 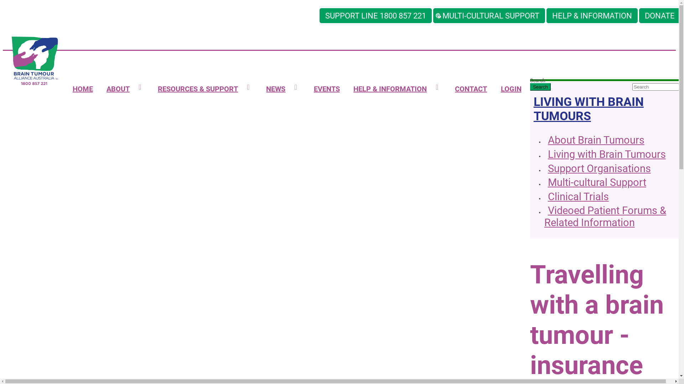 I want to click on 'Multi-cultural Support', so click(x=595, y=183).